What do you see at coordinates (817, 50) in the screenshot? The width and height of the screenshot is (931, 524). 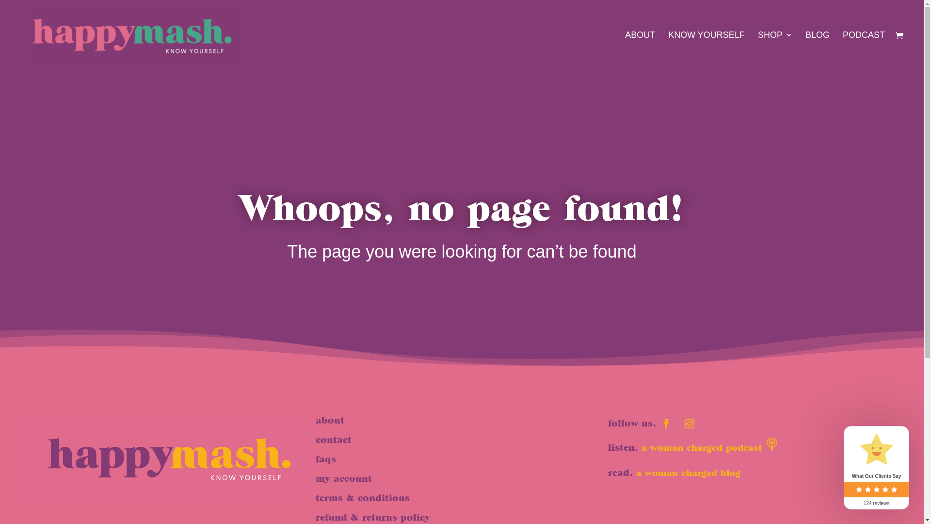 I see `'BLOG'` at bounding box center [817, 50].